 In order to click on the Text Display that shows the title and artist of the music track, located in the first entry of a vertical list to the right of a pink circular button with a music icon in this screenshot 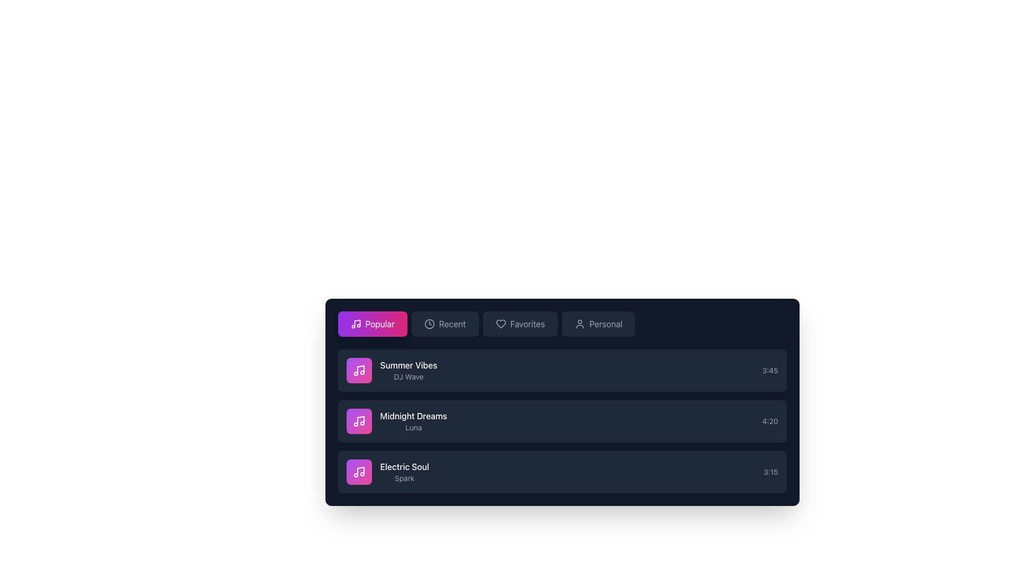, I will do `click(408, 370)`.